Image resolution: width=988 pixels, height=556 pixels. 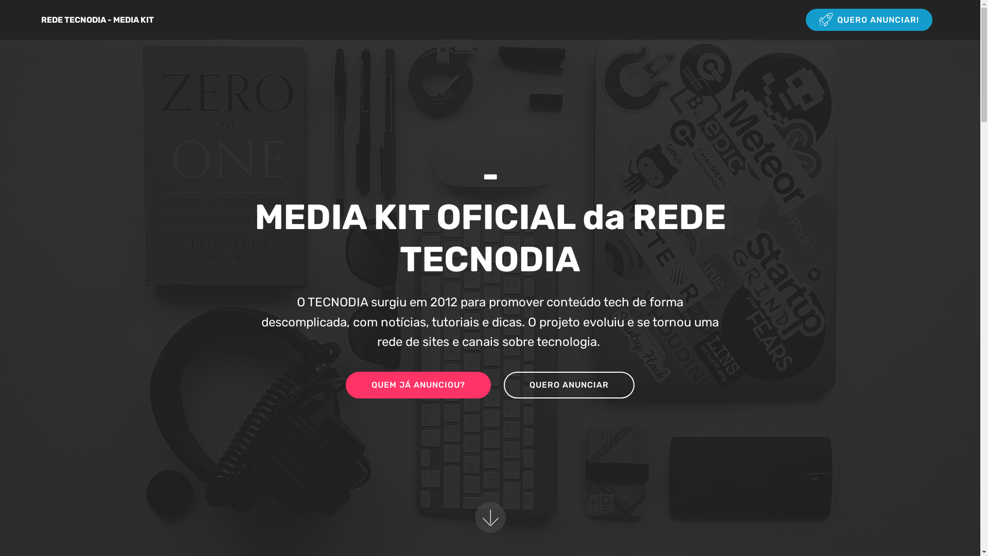 What do you see at coordinates (41, 20) in the screenshot?
I see `'REDE TECNODIA - MEDIA KIT'` at bounding box center [41, 20].